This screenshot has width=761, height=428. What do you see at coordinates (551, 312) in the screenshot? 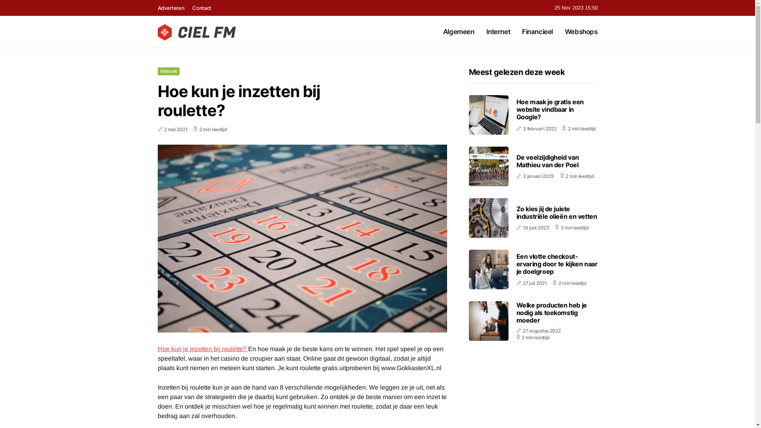
I see `'Welke producten heb je nodig als toekomstig moeder'` at bounding box center [551, 312].